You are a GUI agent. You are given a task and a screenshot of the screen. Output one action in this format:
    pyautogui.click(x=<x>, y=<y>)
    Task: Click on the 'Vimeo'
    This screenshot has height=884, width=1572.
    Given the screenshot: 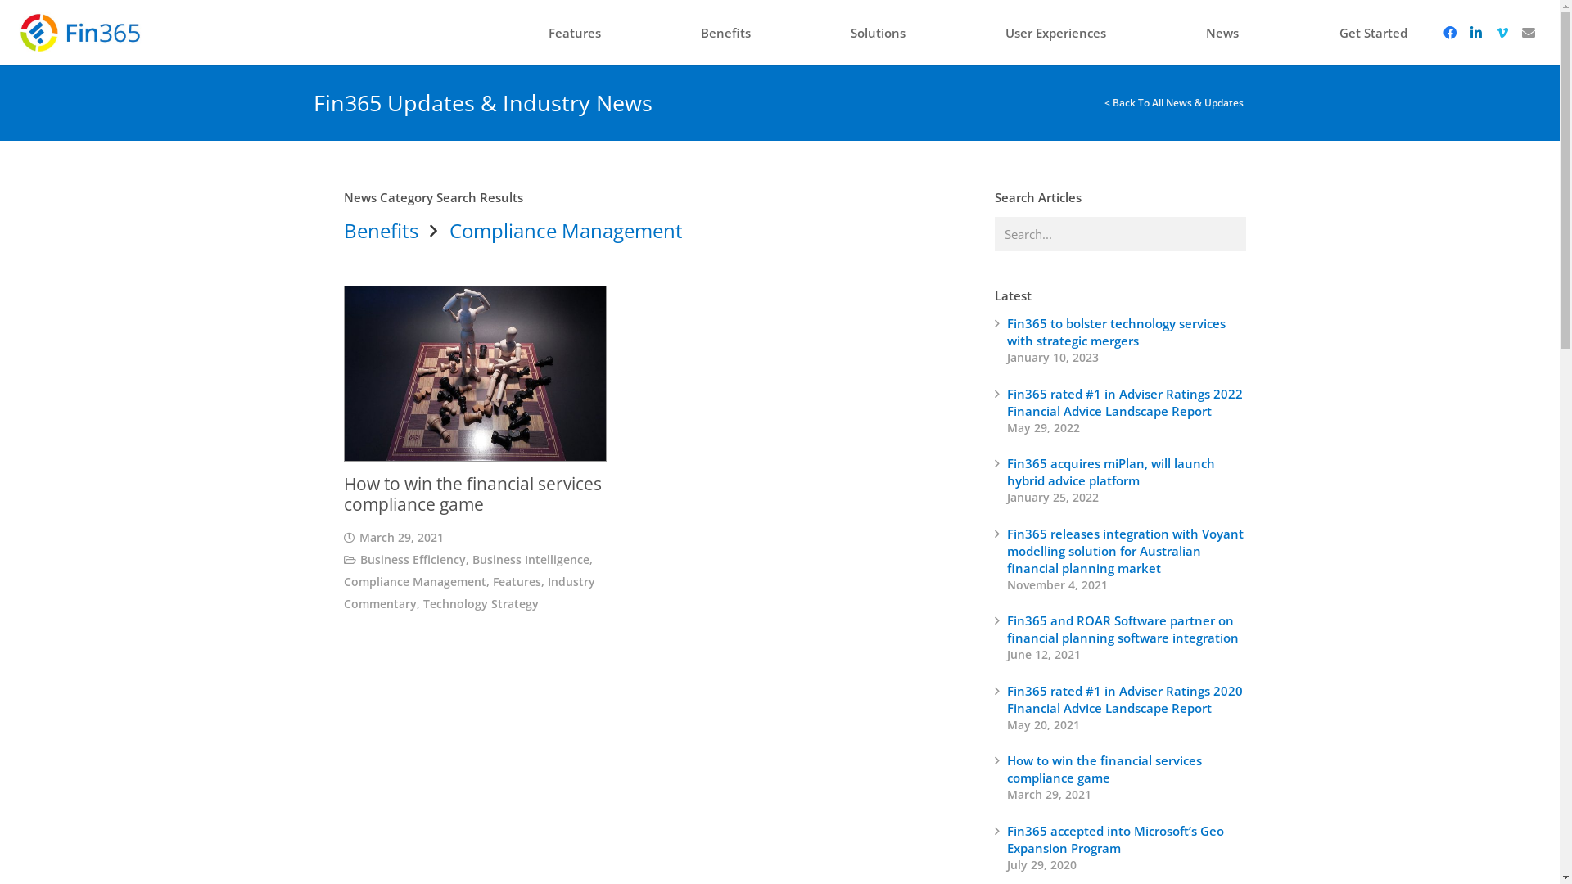 What is the action you would take?
    pyautogui.click(x=1488, y=32)
    